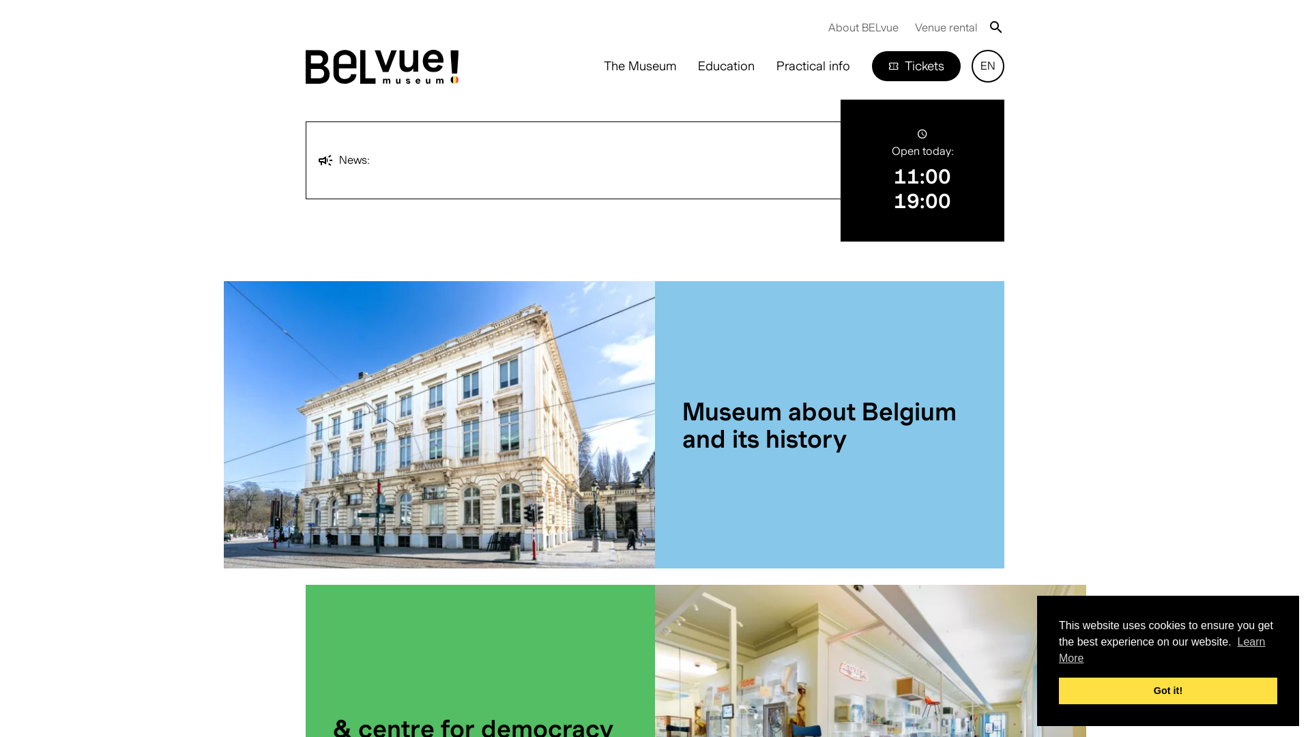 This screenshot has height=737, width=1310. What do you see at coordinates (922, 170) in the screenshot?
I see `'Open today:` at bounding box center [922, 170].